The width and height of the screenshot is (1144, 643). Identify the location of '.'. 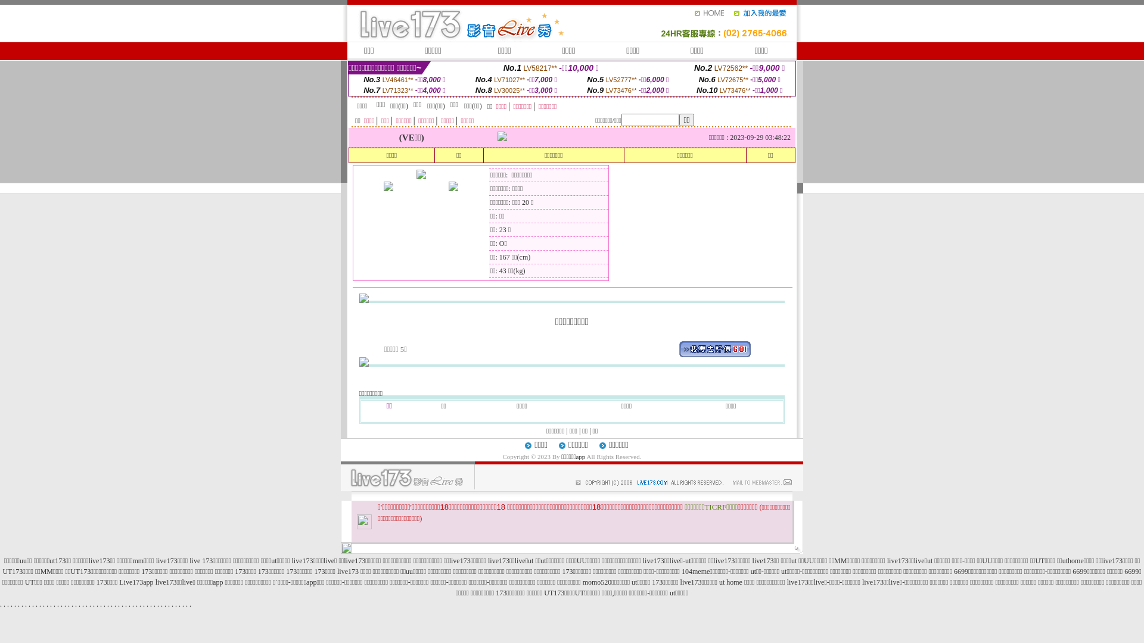
(172, 604).